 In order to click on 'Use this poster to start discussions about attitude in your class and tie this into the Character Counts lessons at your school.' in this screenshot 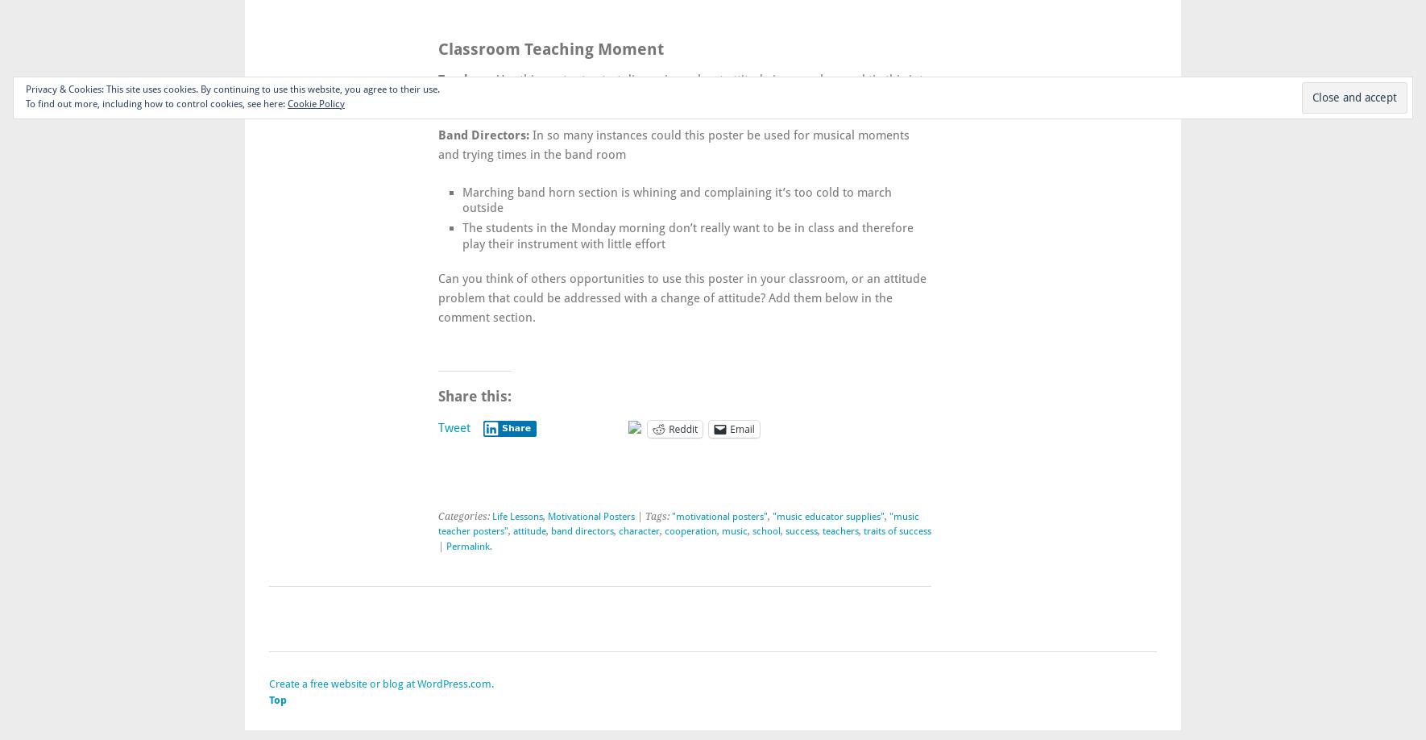, I will do `click(683, 88)`.